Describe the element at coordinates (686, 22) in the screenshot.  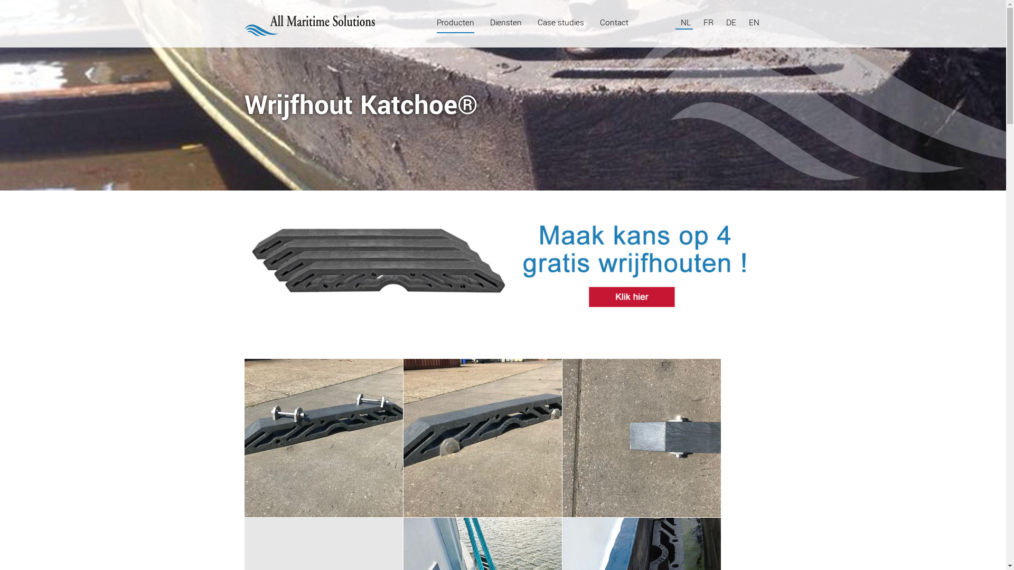
I see `'NL'` at that location.